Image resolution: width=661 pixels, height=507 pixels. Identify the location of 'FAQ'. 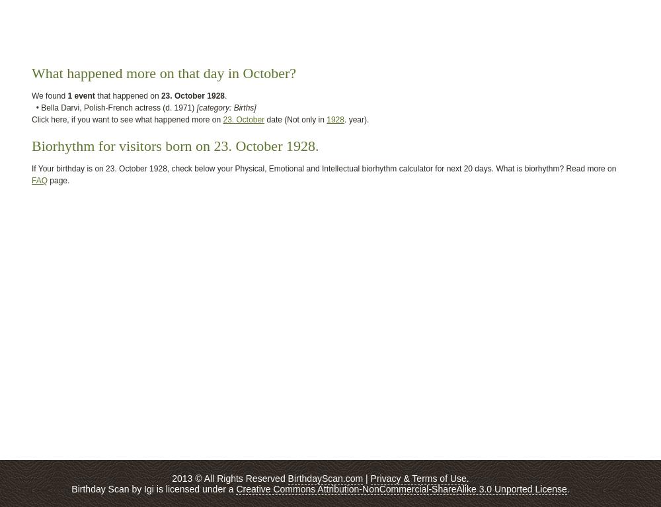
(32, 181).